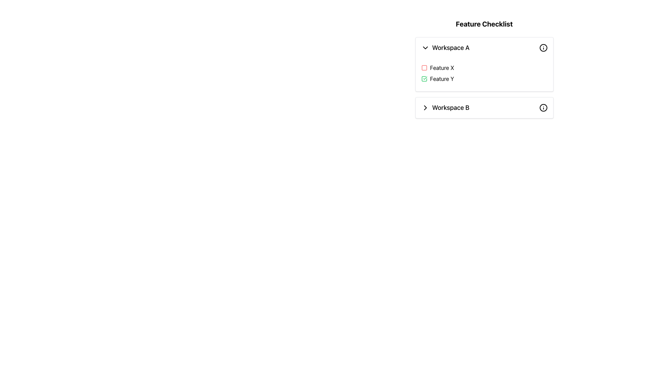  Describe the element at coordinates (437, 78) in the screenshot. I see `the text label 'Feature Y' that is bold, black, and located within the checklist 'Workspace A', positioned between 'Feature X' and 'Workspace B'` at that location.